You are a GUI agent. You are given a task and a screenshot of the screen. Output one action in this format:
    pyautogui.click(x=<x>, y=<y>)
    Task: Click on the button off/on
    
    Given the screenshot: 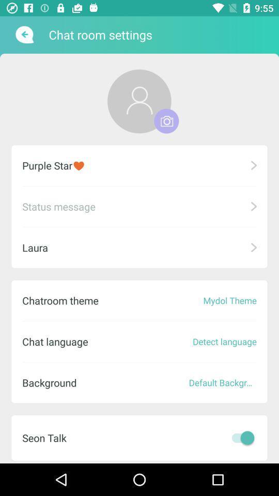 What is the action you would take?
    pyautogui.click(x=240, y=437)
    